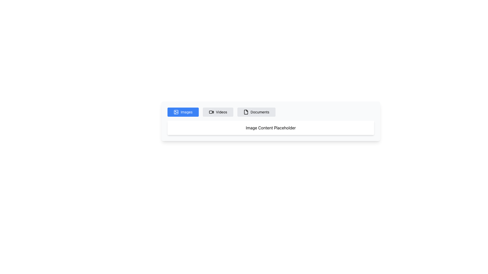  Describe the element at coordinates (211, 112) in the screenshot. I see `the video camera icon located within the 'Videos' button, which is positioned centrally in the top interface` at that location.